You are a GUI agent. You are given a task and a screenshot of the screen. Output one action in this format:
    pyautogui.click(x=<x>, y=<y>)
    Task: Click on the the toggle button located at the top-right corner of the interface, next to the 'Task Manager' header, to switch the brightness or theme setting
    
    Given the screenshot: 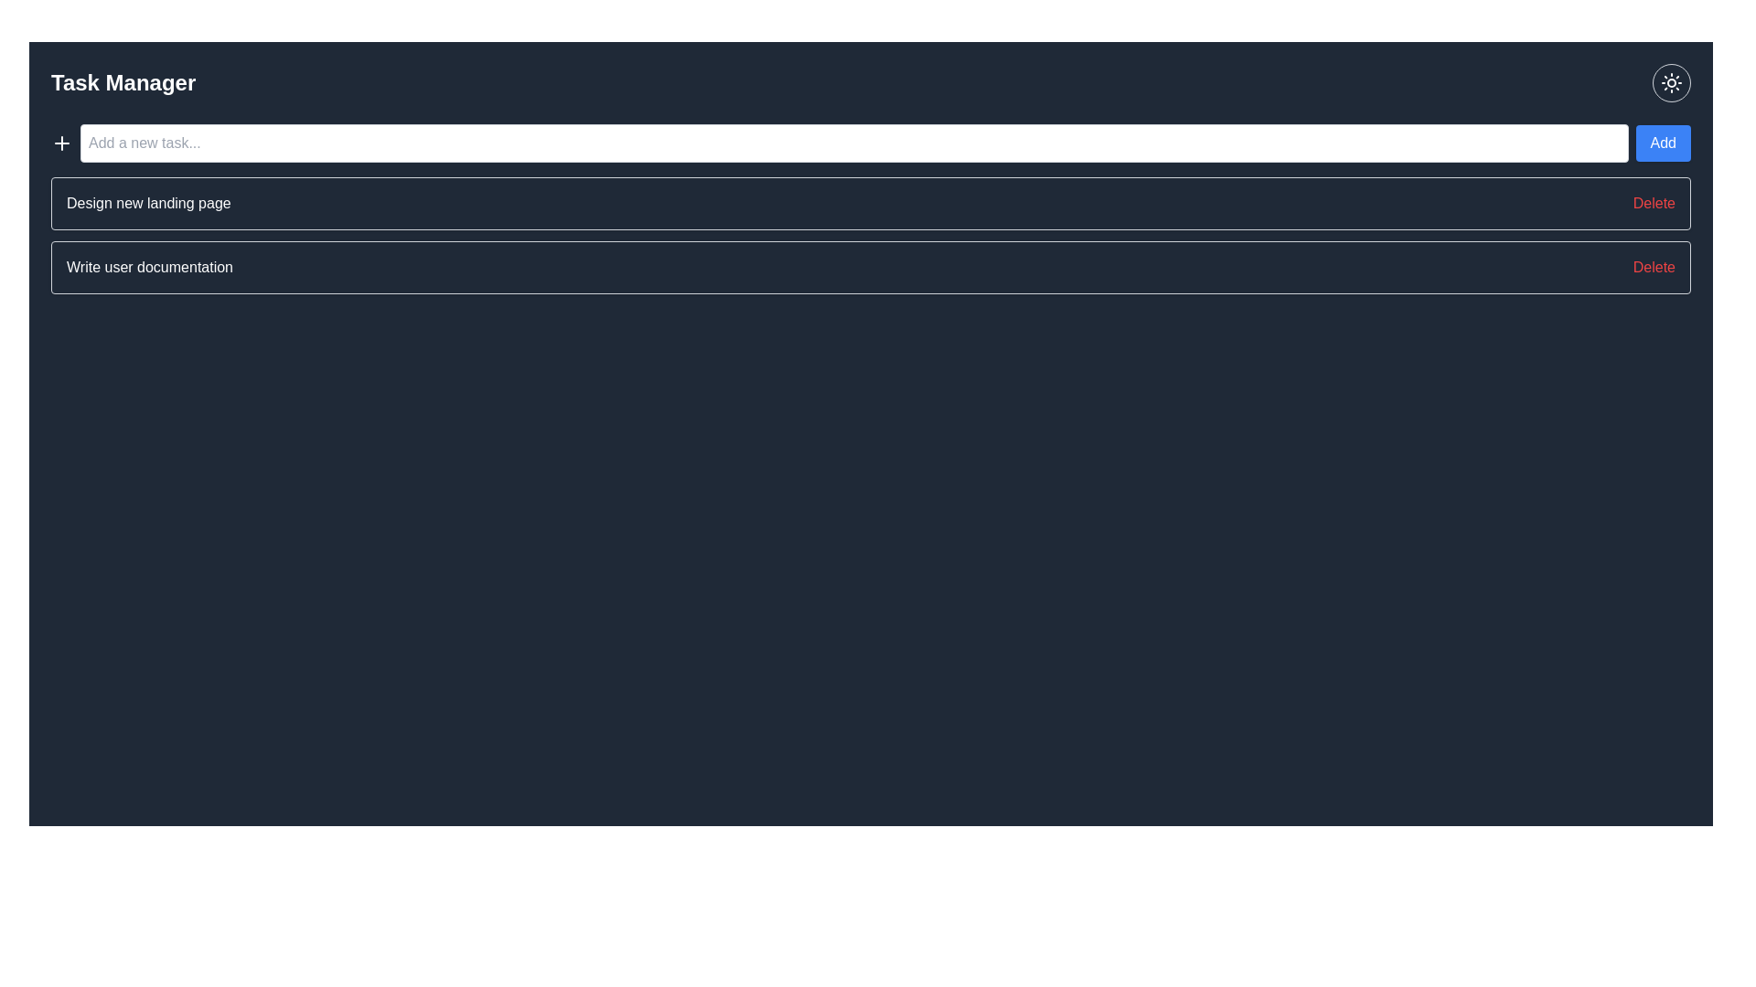 What is the action you would take?
    pyautogui.click(x=1672, y=83)
    